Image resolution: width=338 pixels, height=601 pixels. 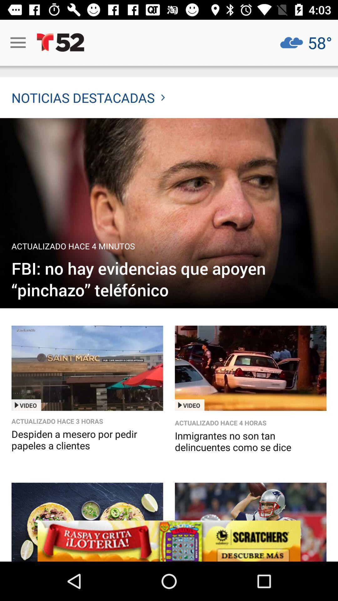 What do you see at coordinates (87, 368) in the screenshot?
I see `open story` at bounding box center [87, 368].